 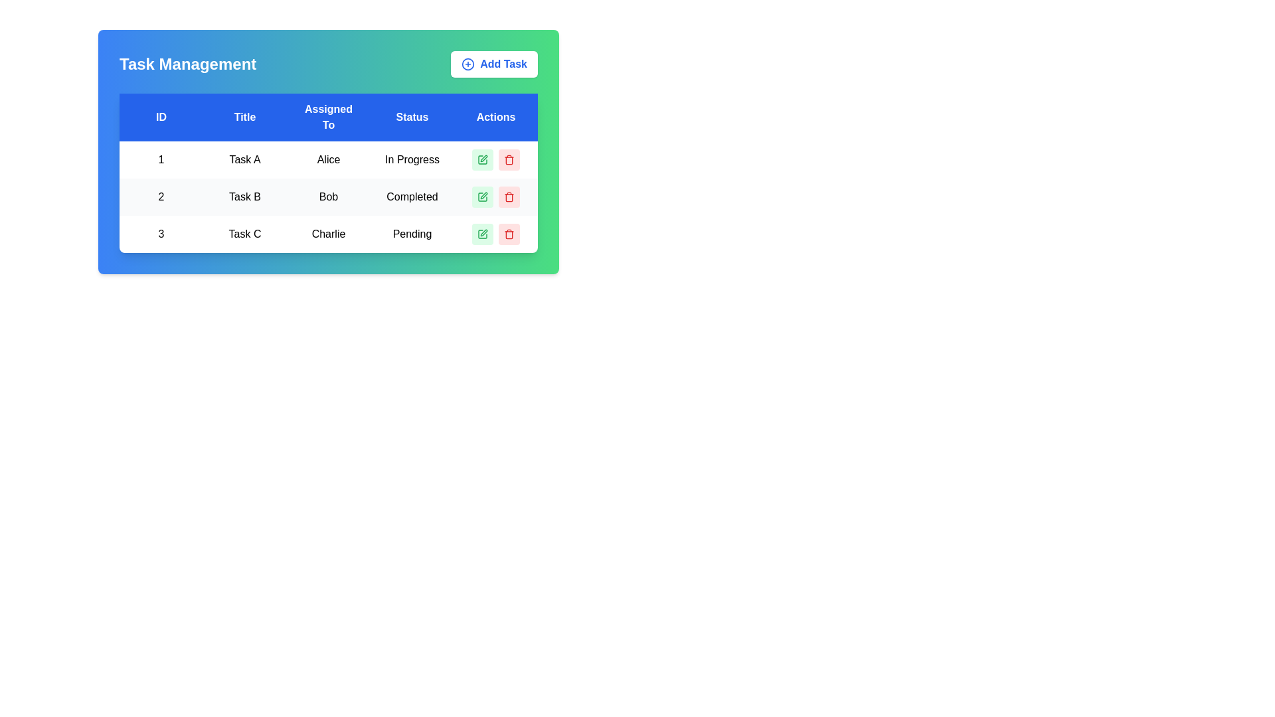 I want to click on the green editing button shaped like a pen in the Actions column for Task C, so click(x=483, y=232).